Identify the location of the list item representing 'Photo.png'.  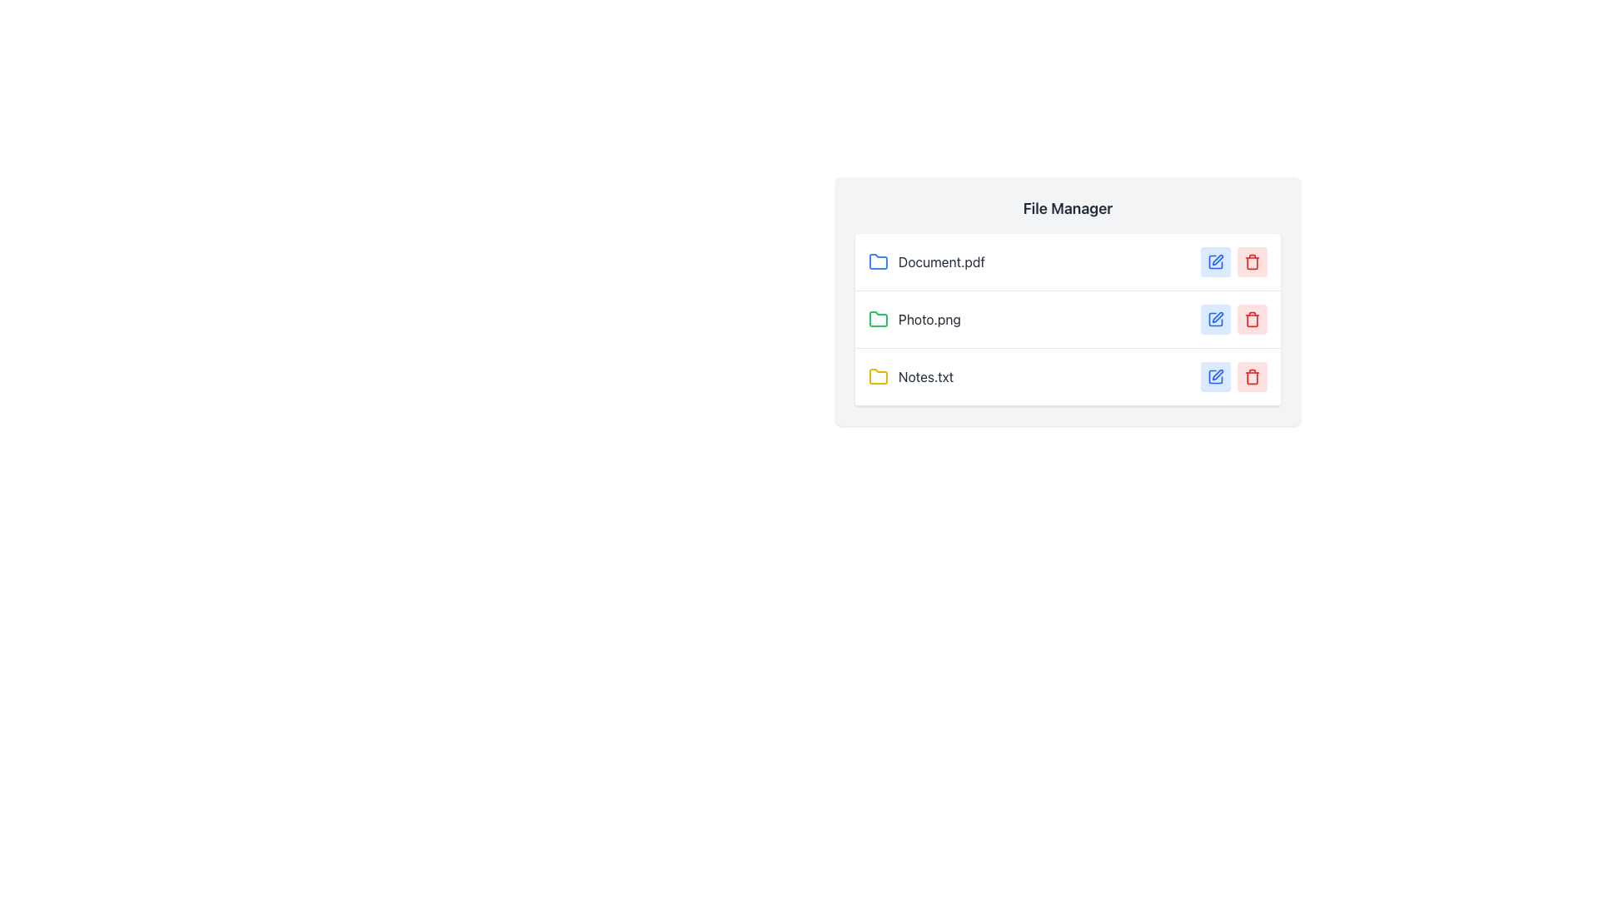
(1068, 320).